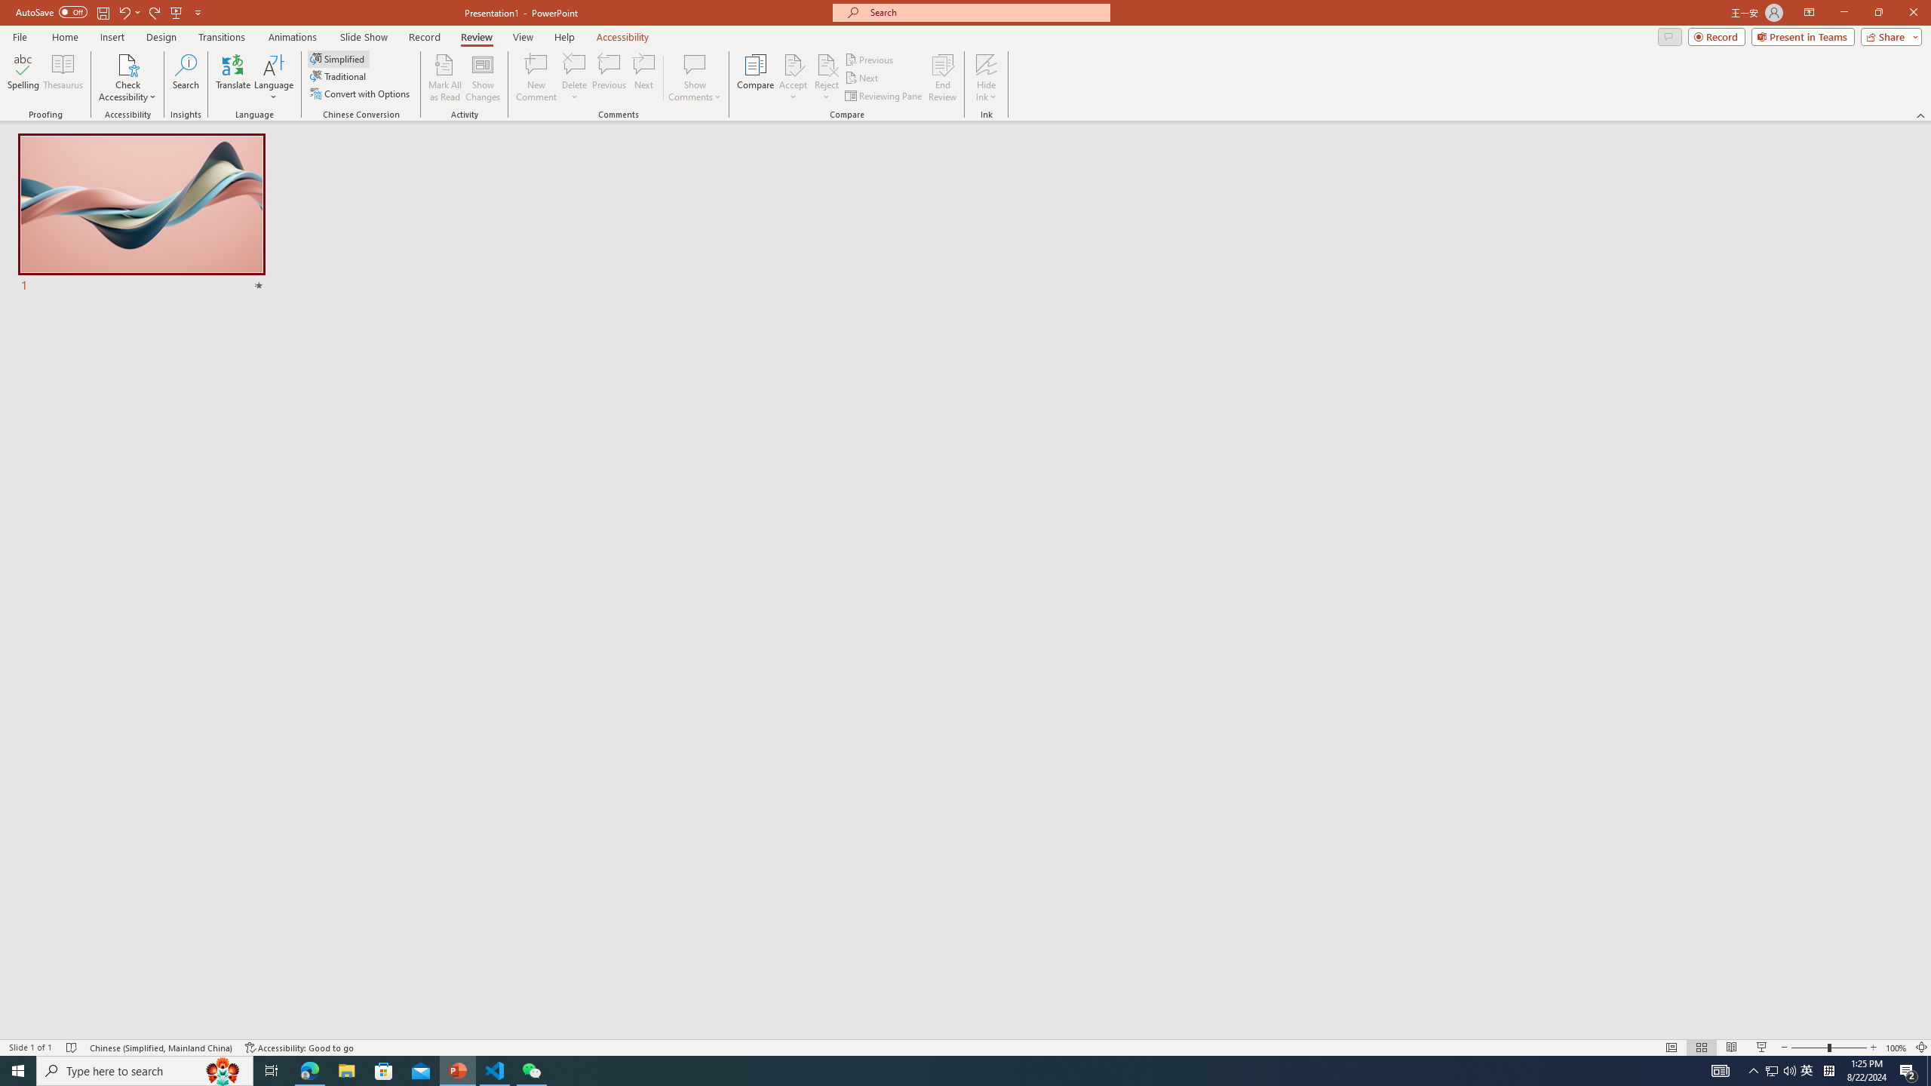 Image resolution: width=1931 pixels, height=1086 pixels. Describe the element at coordinates (1921, 1048) in the screenshot. I see `'Zoom to Fit '` at that location.